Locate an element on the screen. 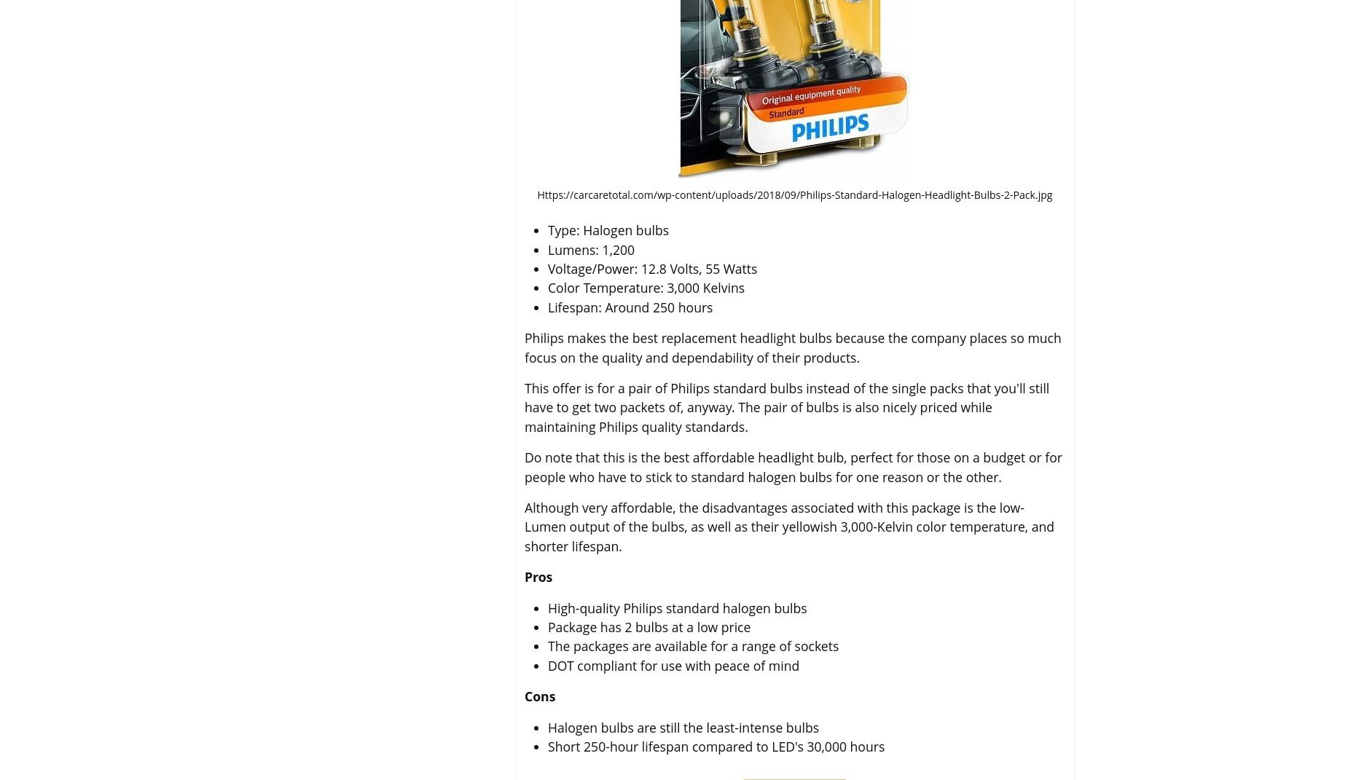 Image resolution: width=1348 pixels, height=780 pixels. 'Https://carcaretotal.com/wp-content/uploads/2018/09/Philips-Standard-Halogen-Headlight-Bulbs-2-Pack.jpg' is located at coordinates (793, 194).